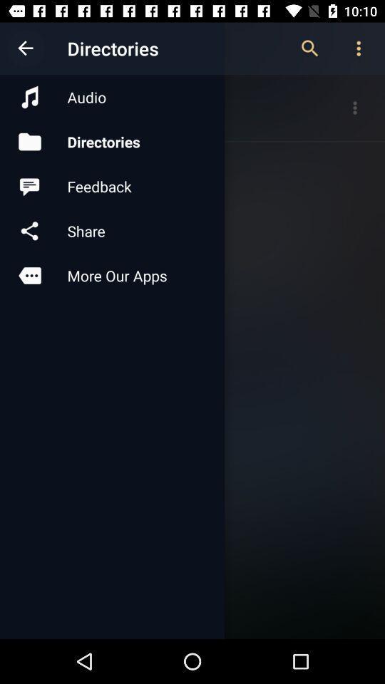 The image size is (385, 684). I want to click on the audio, so click(111, 96).